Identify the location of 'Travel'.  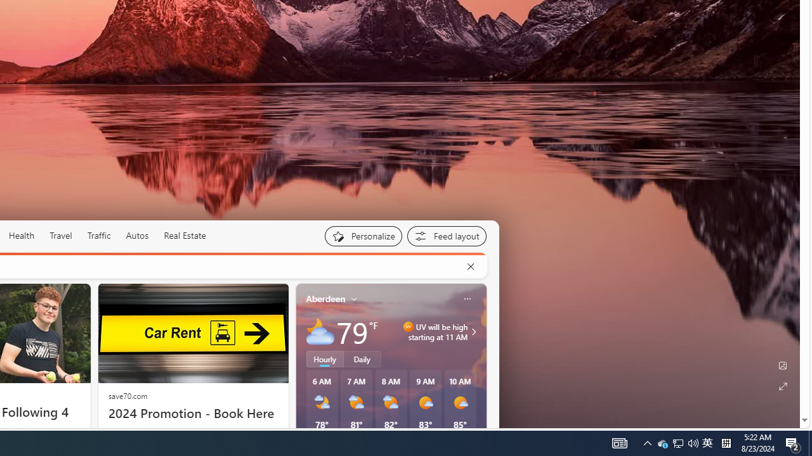
(60, 236).